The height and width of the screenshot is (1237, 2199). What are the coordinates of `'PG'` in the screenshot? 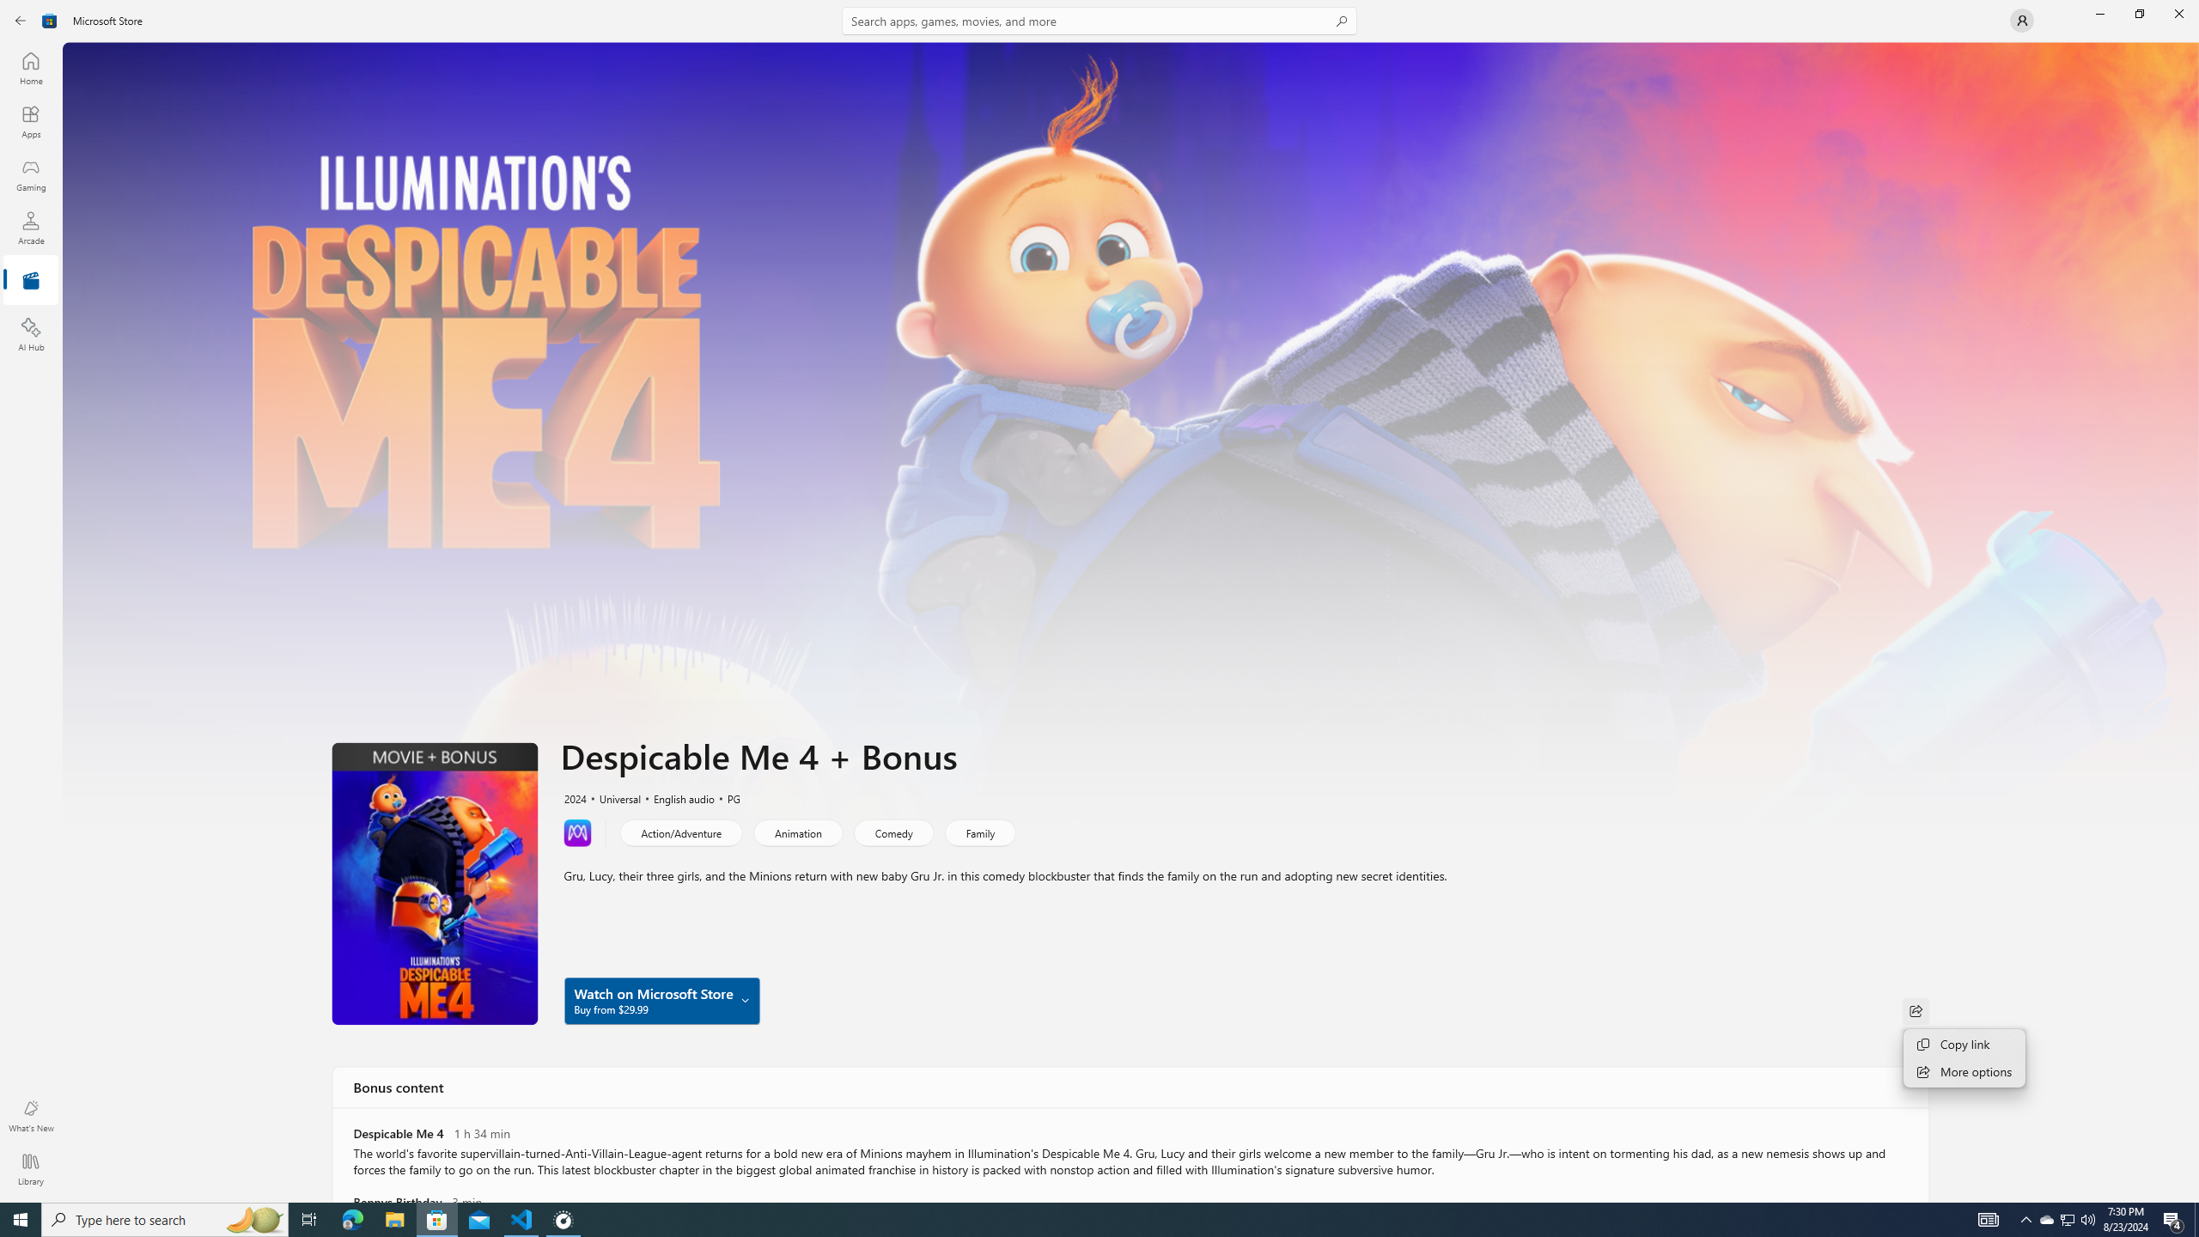 It's located at (726, 796).